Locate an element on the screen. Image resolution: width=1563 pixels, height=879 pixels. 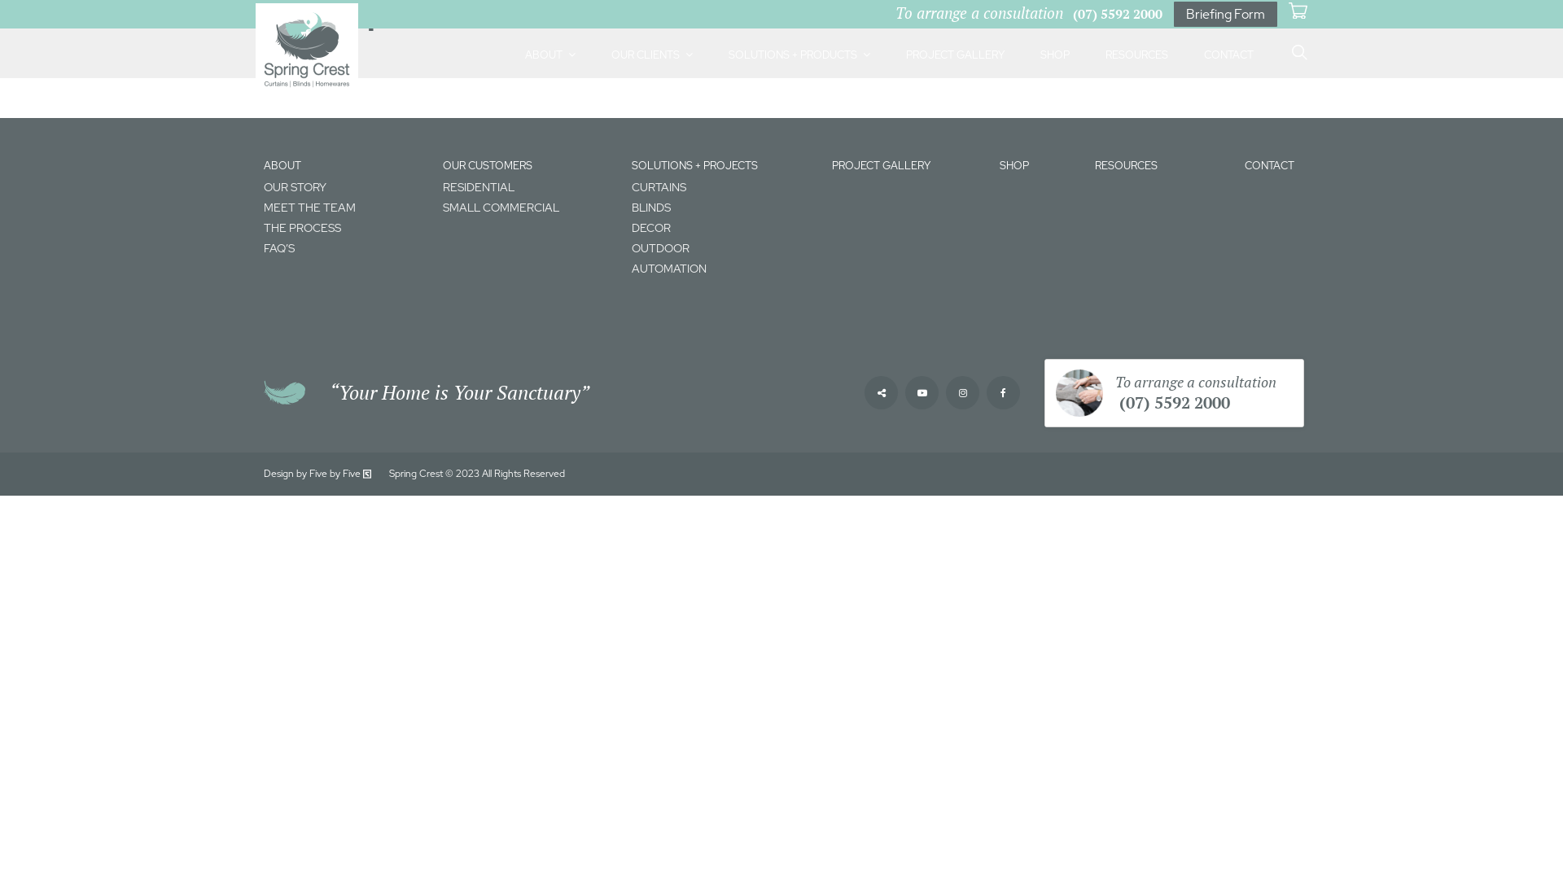
'Briefing Form' is located at coordinates (1225, 14).